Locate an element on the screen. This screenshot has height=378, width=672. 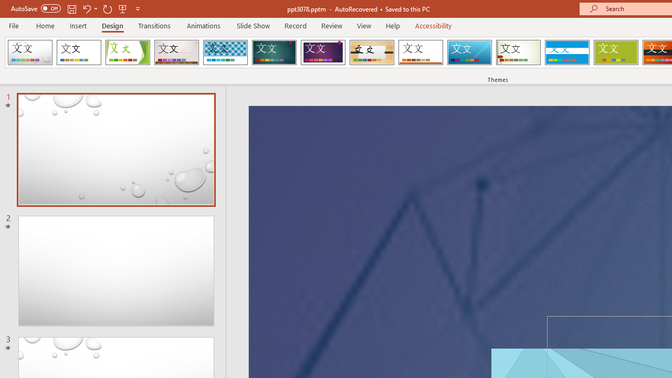
'Retrospect' is located at coordinates (421, 52).